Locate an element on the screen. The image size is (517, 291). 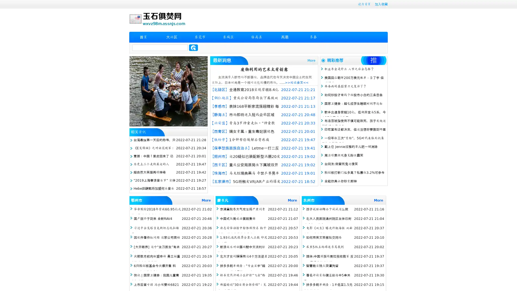
Search is located at coordinates (193, 47).